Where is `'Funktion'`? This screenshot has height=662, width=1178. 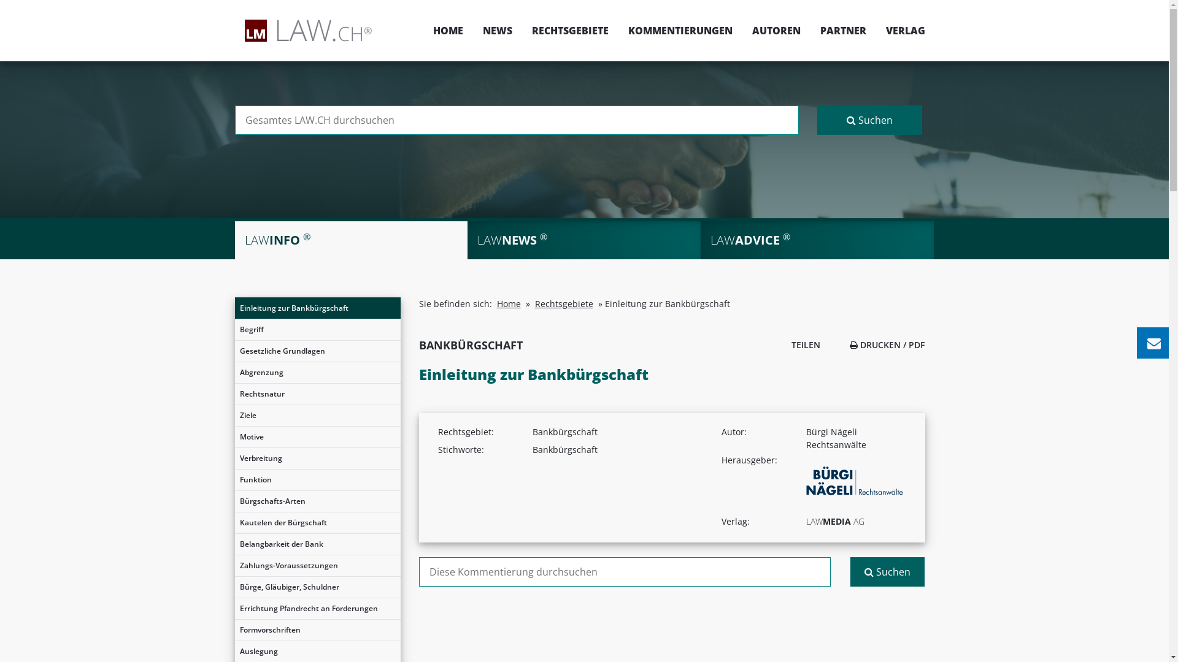 'Funktion' is located at coordinates (317, 479).